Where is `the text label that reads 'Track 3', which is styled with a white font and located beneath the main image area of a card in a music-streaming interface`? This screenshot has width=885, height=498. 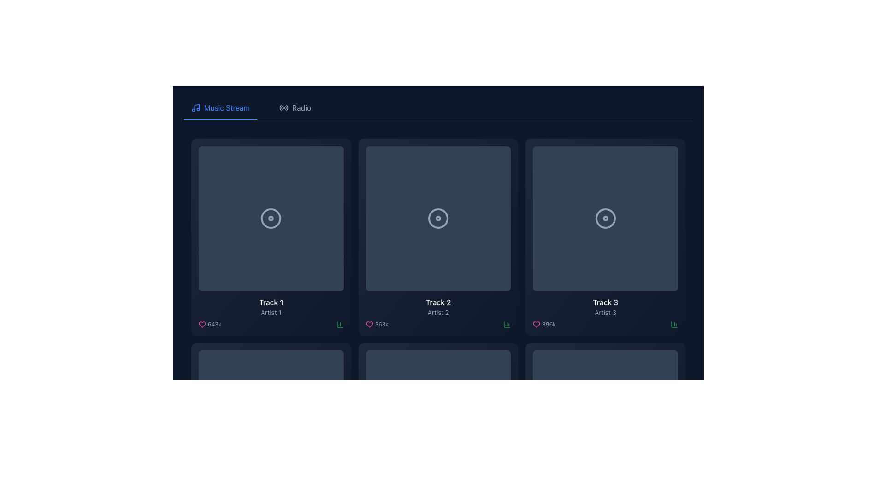 the text label that reads 'Track 3', which is styled with a white font and located beneath the main image area of a card in a music-streaming interface is located at coordinates (605, 302).